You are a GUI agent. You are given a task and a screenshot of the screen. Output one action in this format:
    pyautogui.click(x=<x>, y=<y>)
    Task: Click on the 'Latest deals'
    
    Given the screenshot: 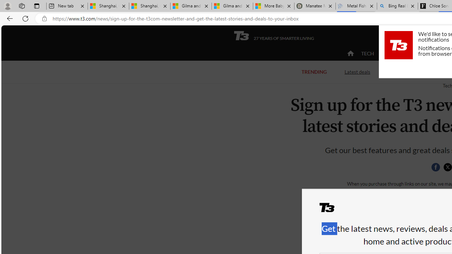 What is the action you would take?
    pyautogui.click(x=357, y=72)
    